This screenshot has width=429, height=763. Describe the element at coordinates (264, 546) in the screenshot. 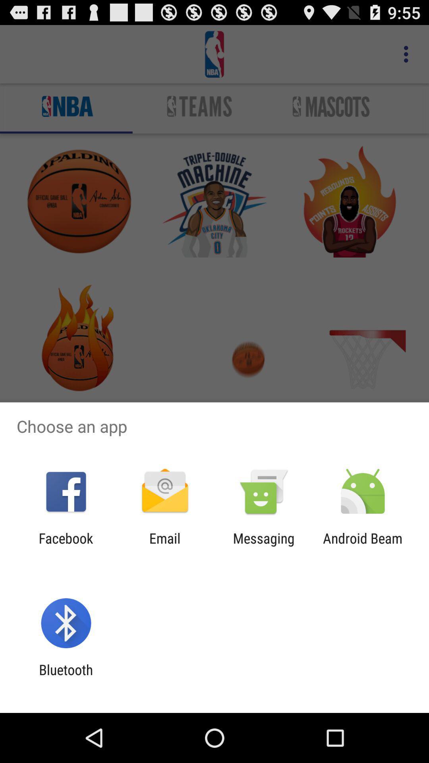

I see `the item to the right of email app` at that location.